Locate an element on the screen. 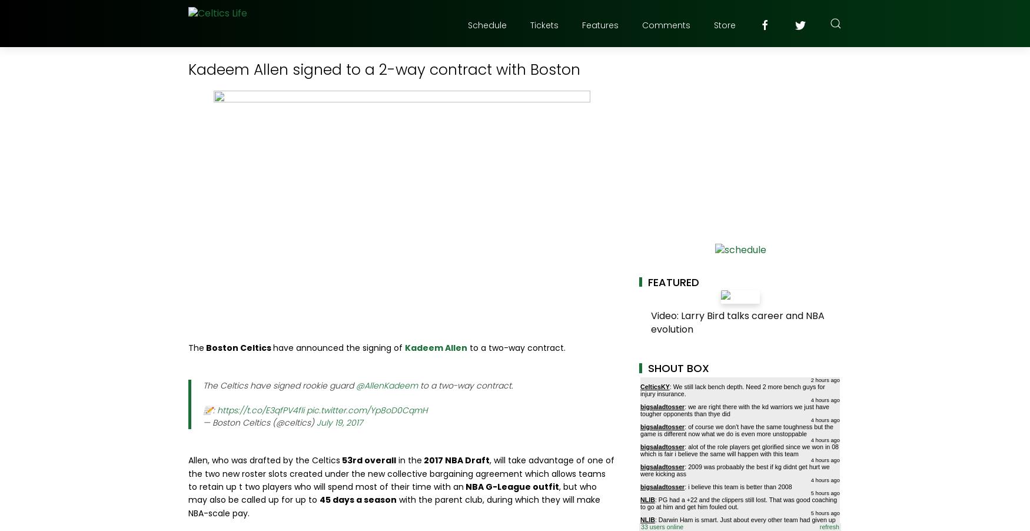  '— Boston Celtics (@celtics)' is located at coordinates (260, 422).